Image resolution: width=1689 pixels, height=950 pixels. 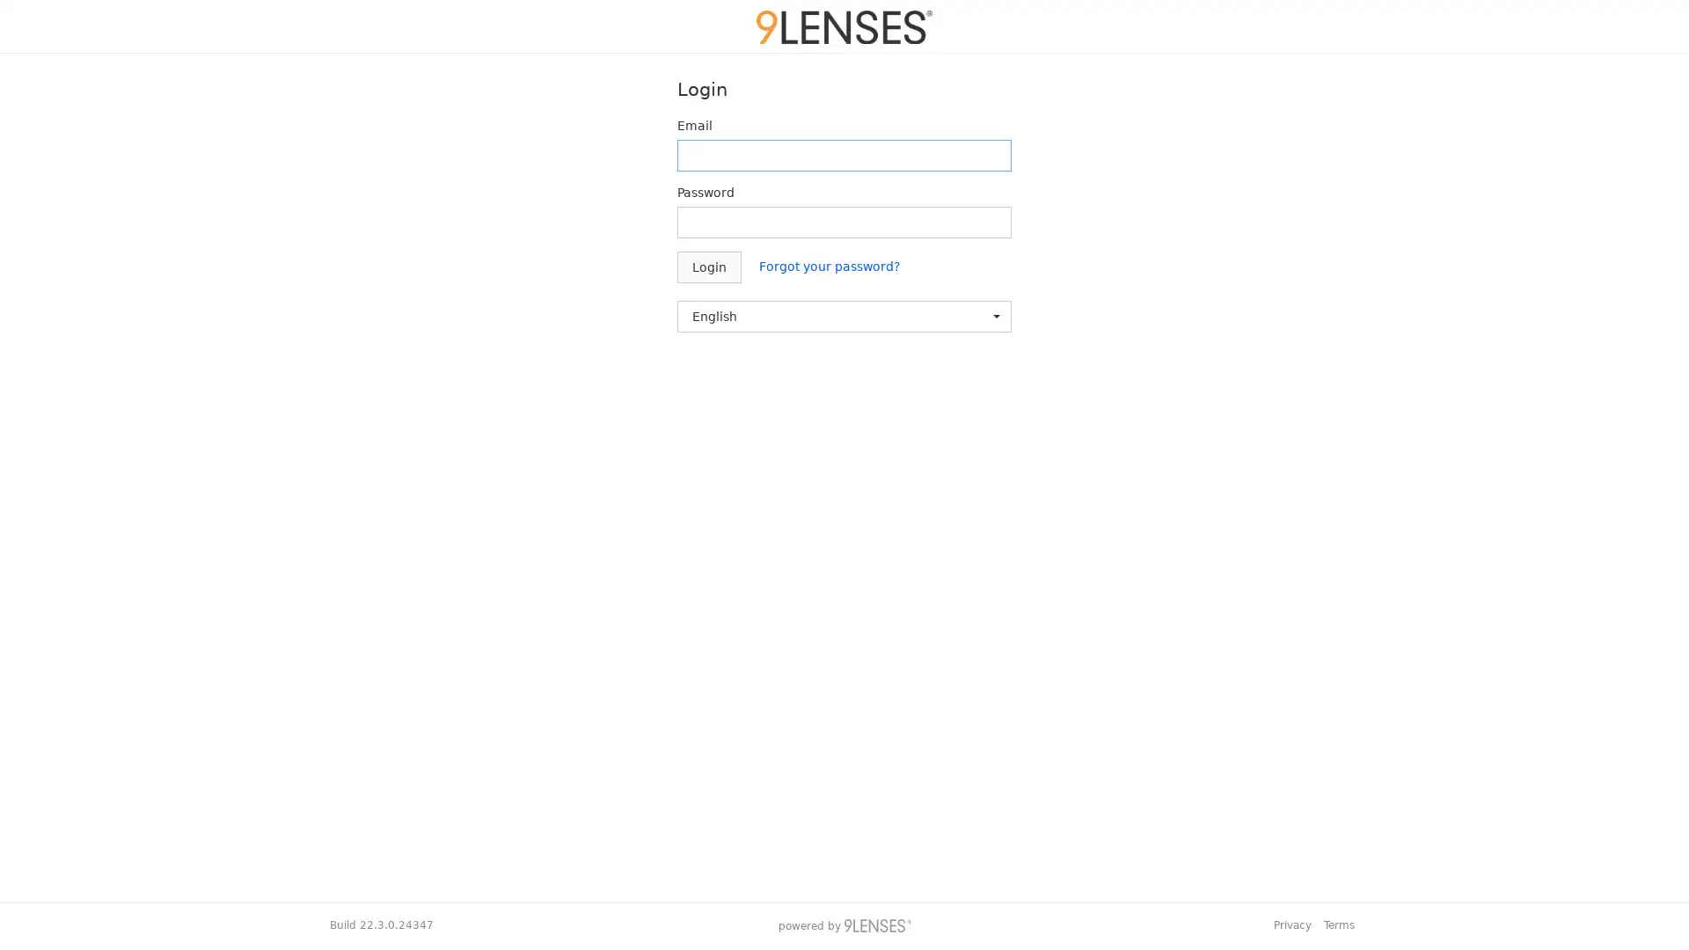 I want to click on English, so click(x=844, y=315).